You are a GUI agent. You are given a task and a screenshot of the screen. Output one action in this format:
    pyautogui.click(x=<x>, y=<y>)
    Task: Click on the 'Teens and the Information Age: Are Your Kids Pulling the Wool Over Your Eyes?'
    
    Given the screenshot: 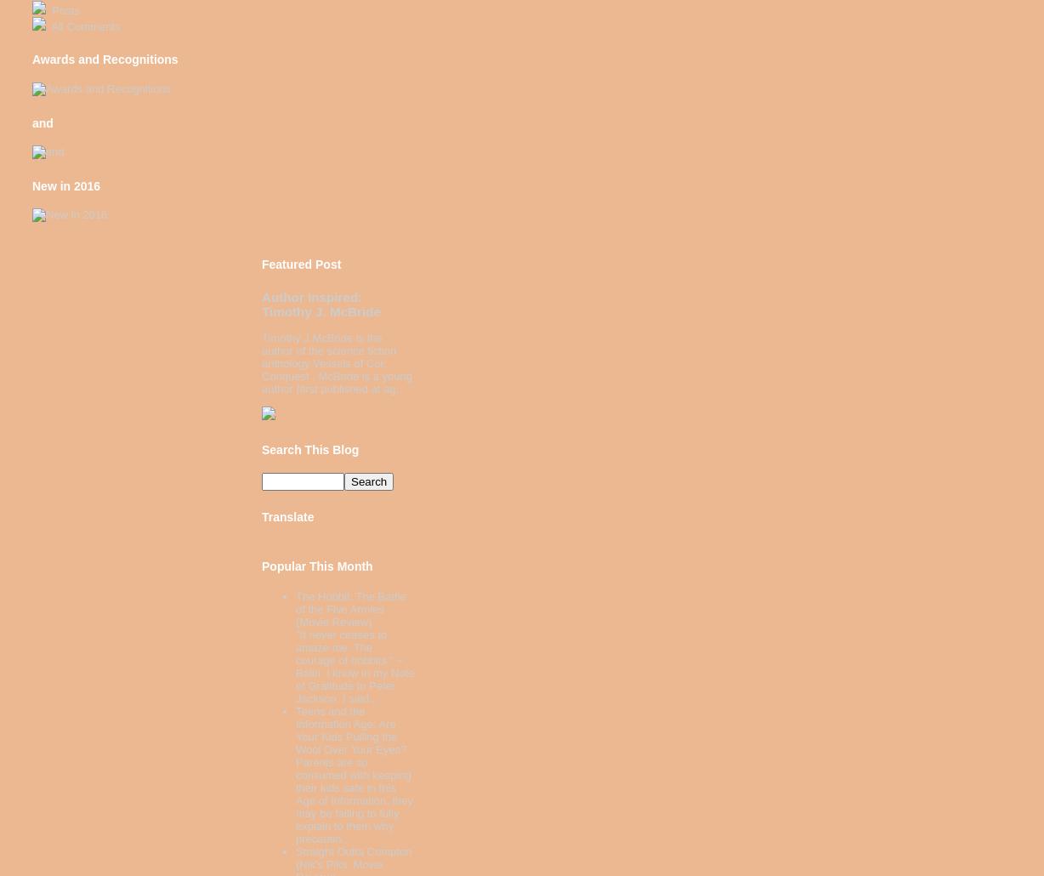 What is the action you would take?
    pyautogui.click(x=350, y=731)
    